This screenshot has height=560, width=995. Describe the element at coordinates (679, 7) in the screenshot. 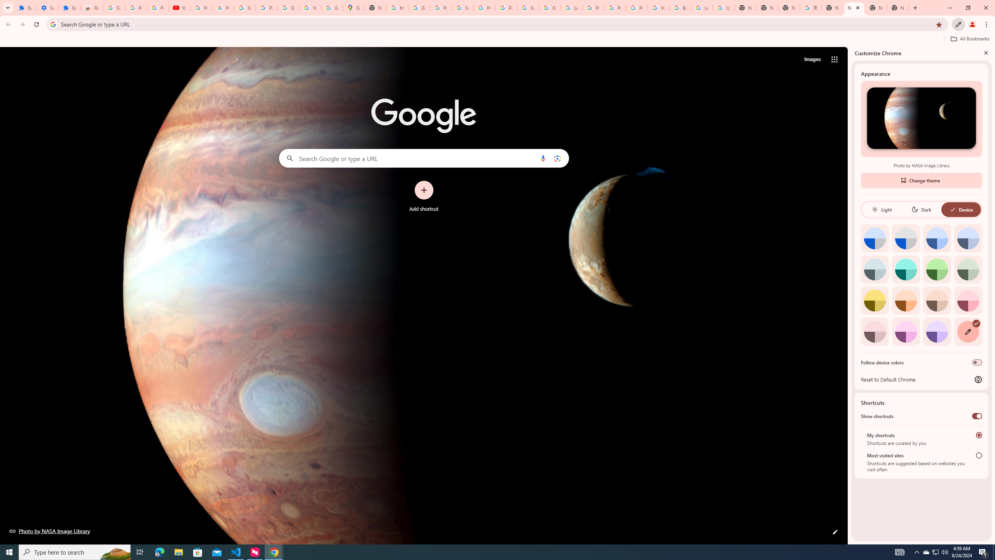

I see `'Browse Chrome as a guest - Computer - Google Chrome Help'` at that location.